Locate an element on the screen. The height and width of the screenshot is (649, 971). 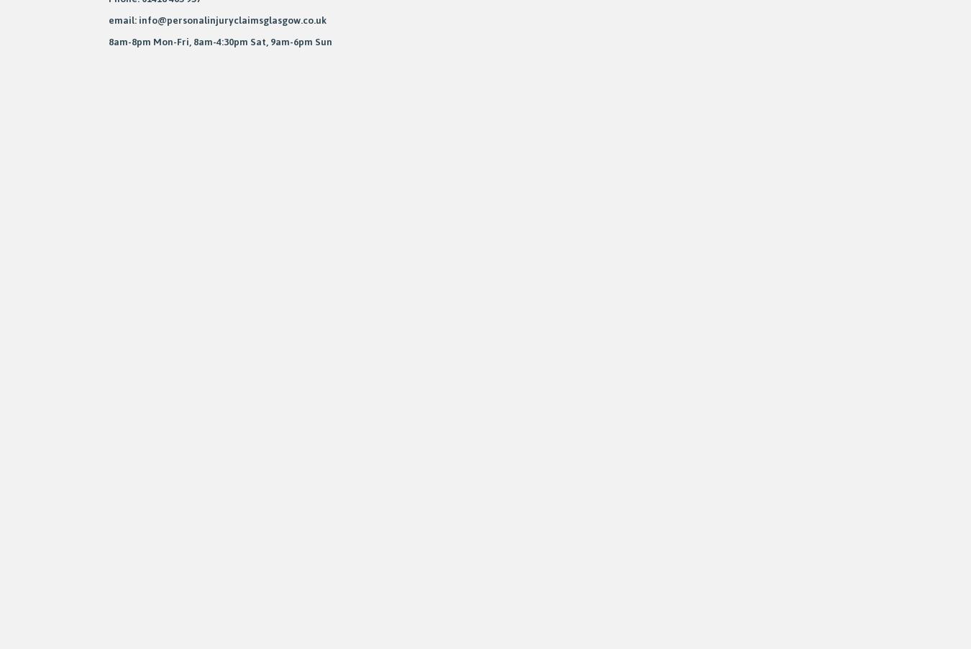
'Sheffield' is located at coordinates (458, 262).